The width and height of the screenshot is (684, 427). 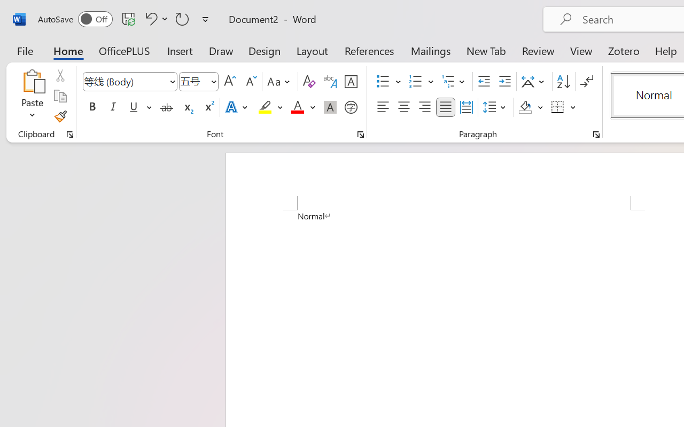 I want to click on 'Text Effects and Typography', so click(x=237, y=107).